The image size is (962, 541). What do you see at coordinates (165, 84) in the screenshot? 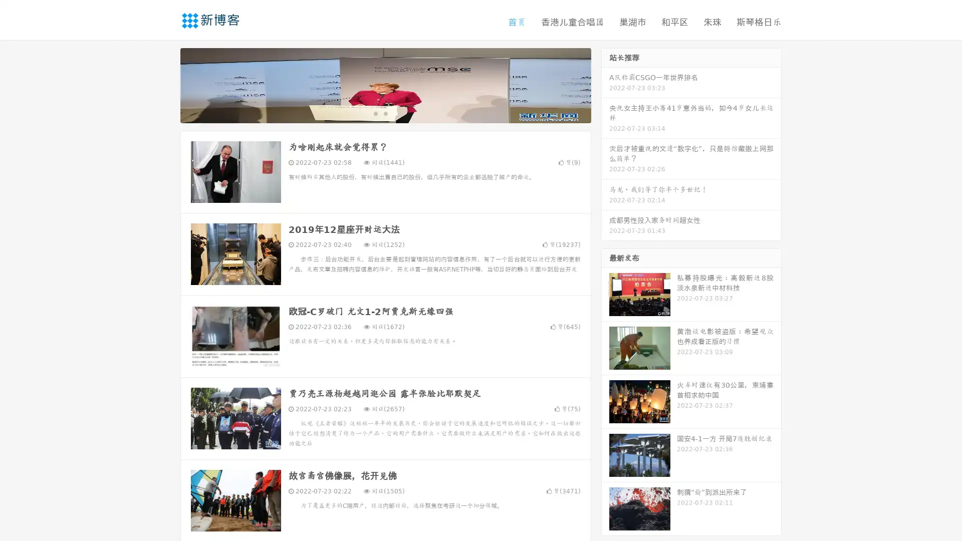
I see `Previous slide` at bounding box center [165, 84].